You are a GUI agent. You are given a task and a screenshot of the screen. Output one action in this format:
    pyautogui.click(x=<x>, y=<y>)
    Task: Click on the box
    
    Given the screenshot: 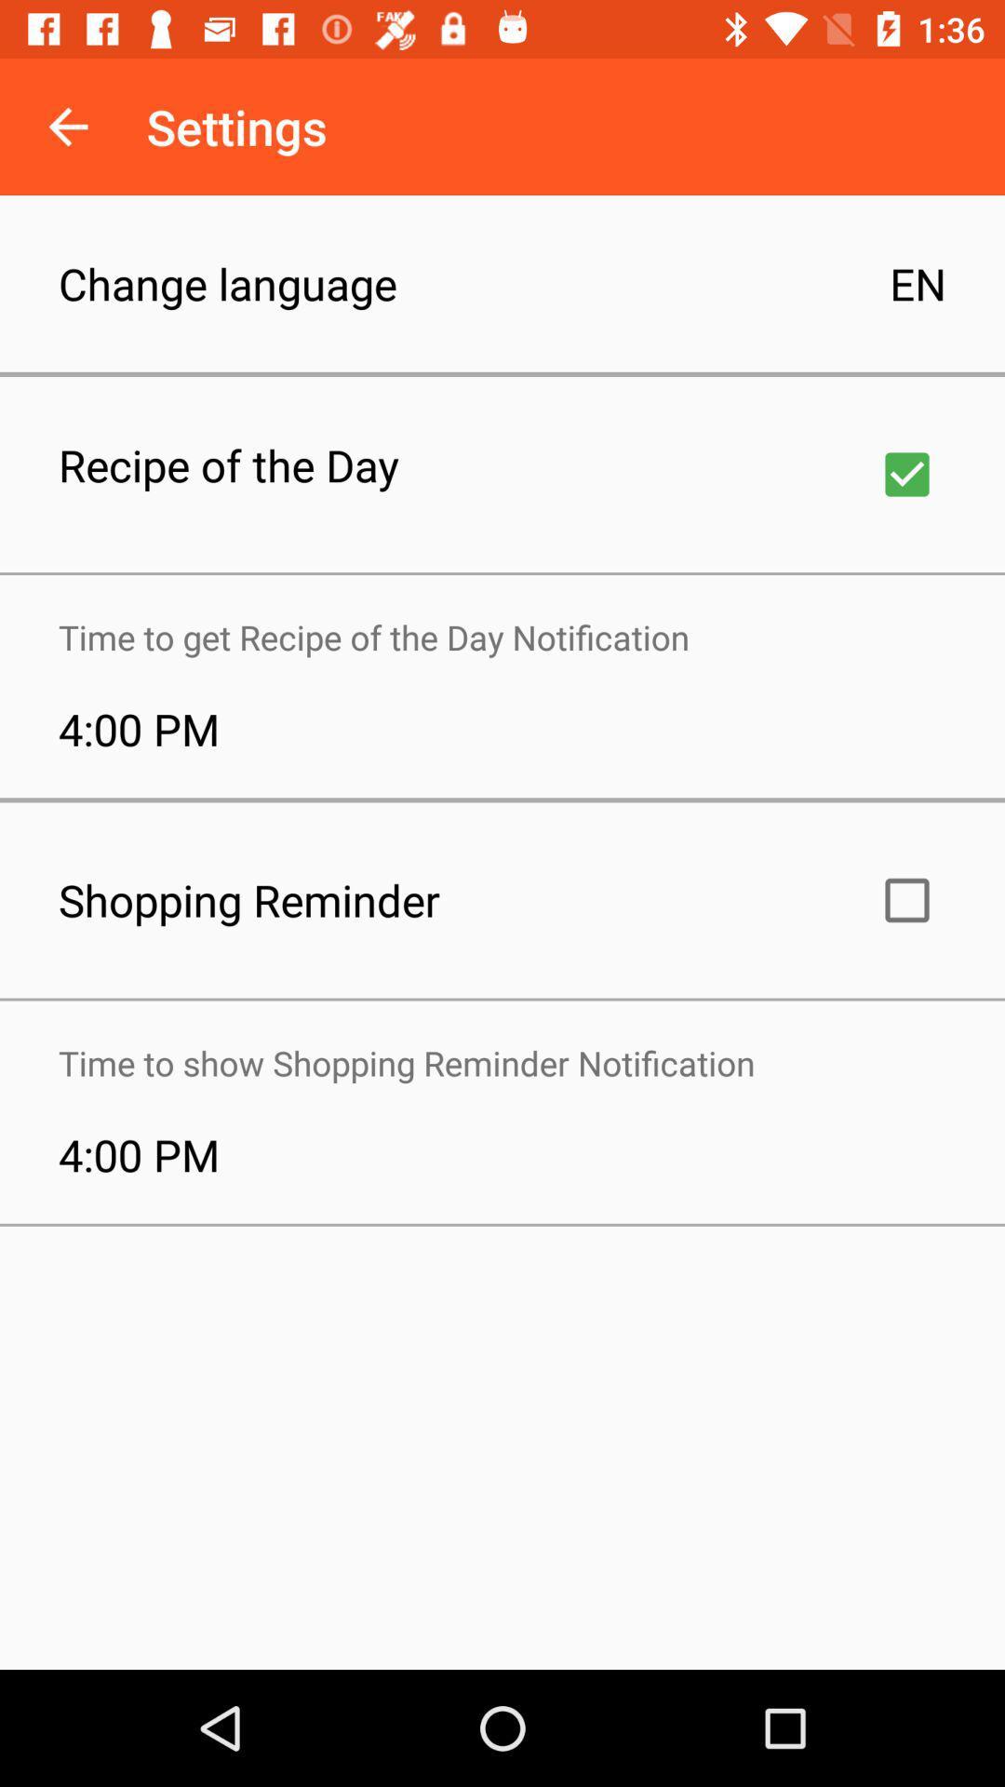 What is the action you would take?
    pyautogui.click(x=906, y=474)
    